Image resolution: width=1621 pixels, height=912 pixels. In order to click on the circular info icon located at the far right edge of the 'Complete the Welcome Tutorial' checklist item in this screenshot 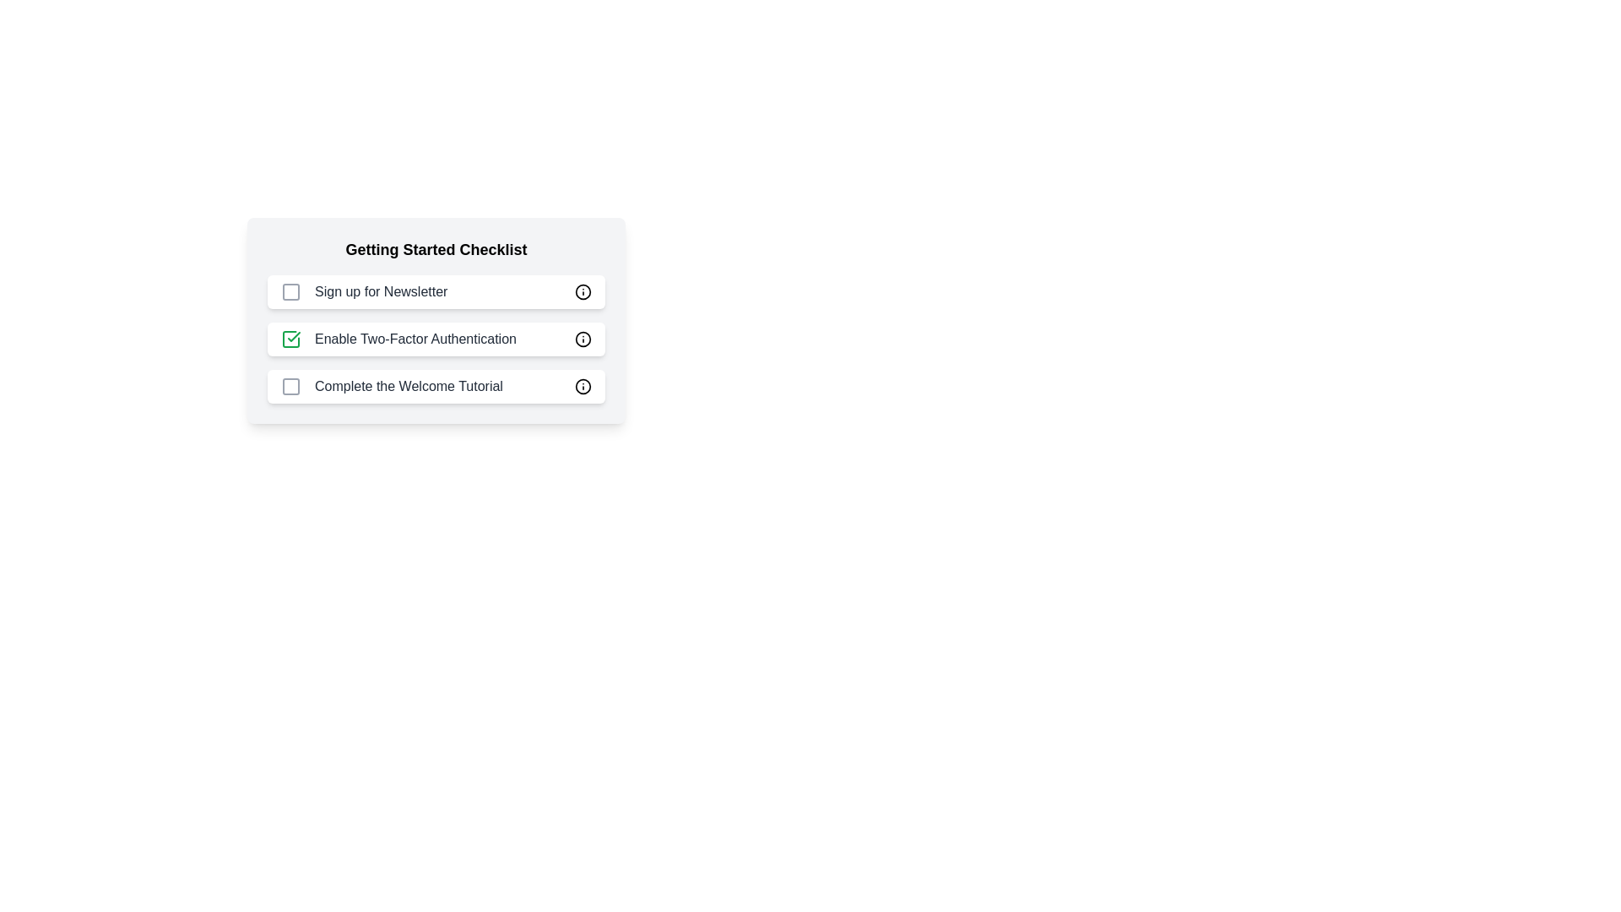, I will do `click(583, 387)`.